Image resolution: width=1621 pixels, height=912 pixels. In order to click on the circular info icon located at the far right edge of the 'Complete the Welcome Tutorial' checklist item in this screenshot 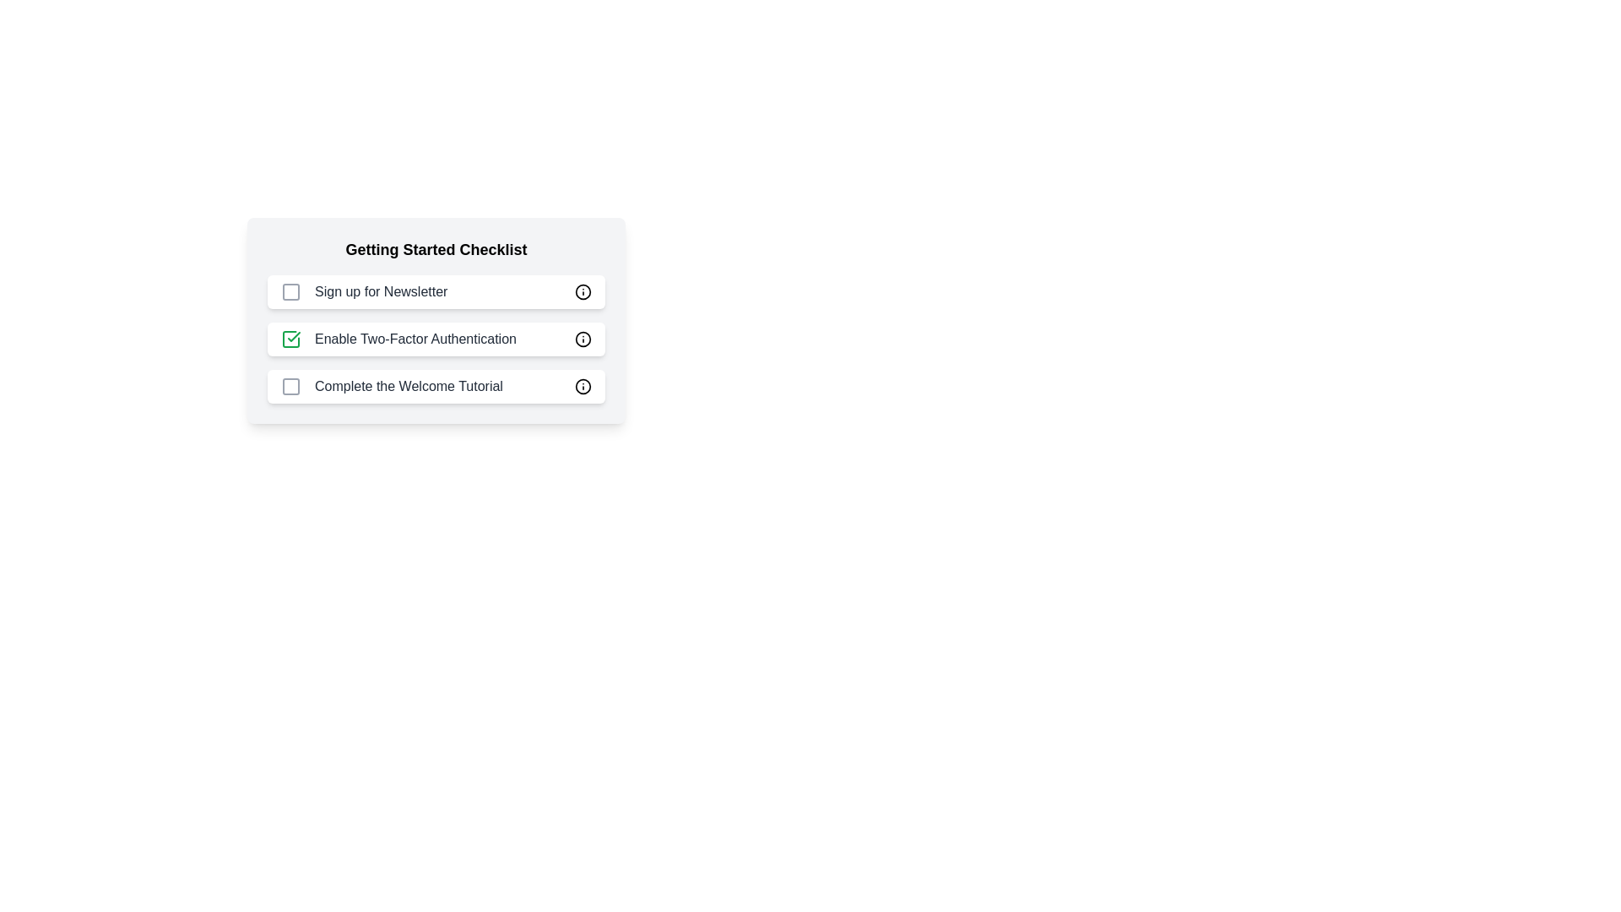, I will do `click(583, 387)`.